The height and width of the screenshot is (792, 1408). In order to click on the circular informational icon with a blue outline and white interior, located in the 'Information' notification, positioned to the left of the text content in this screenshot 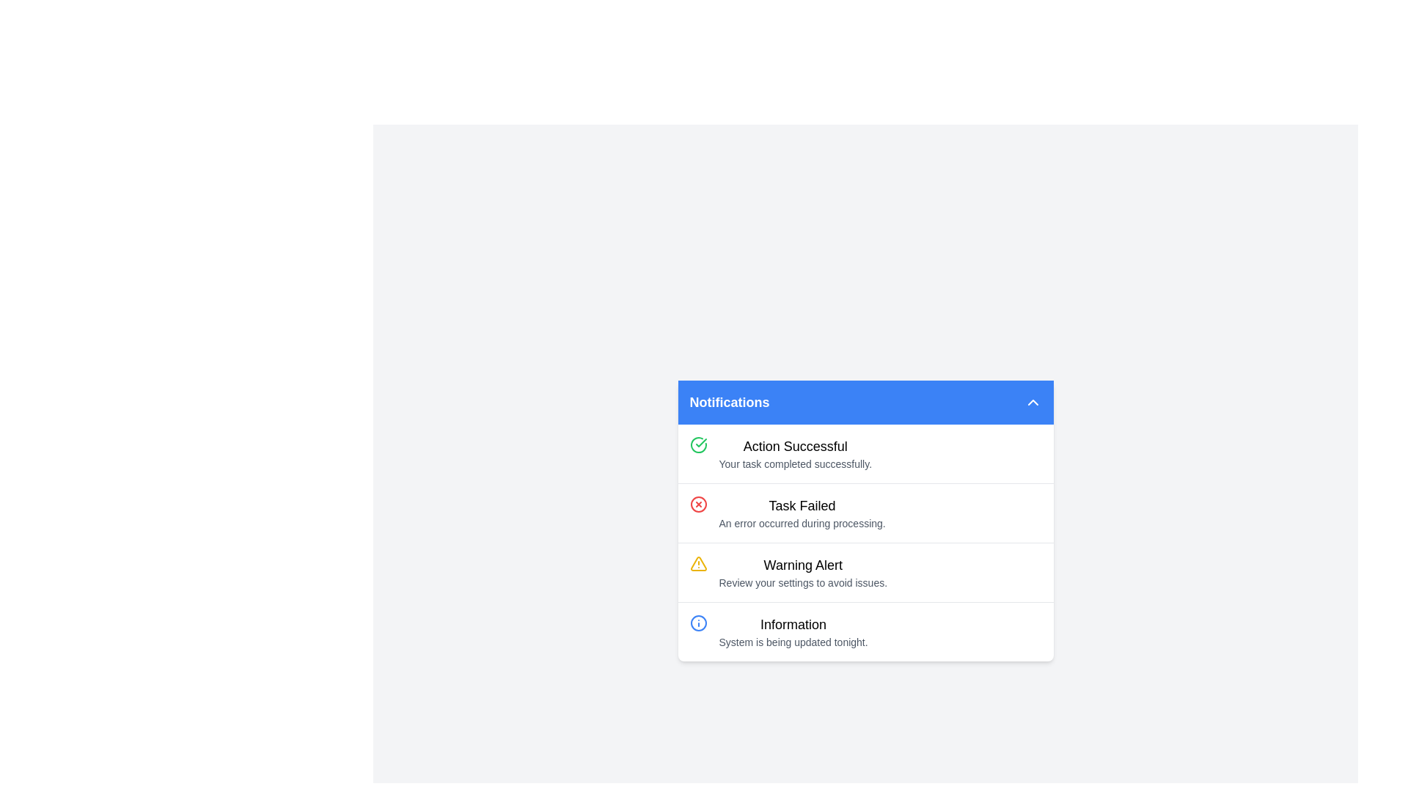, I will do `click(697, 623)`.